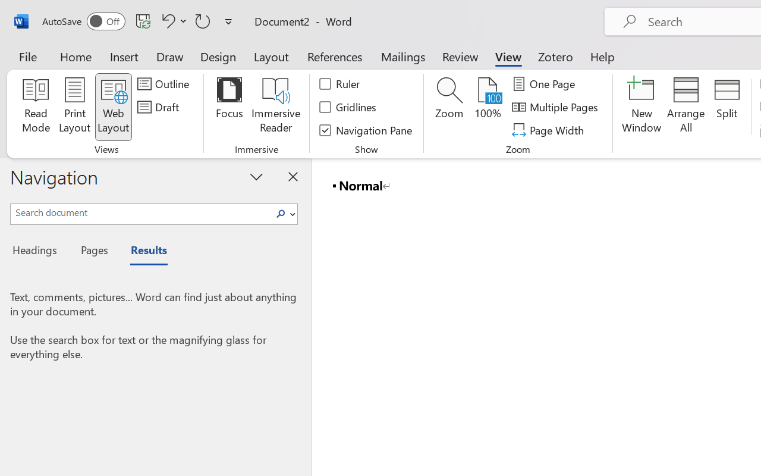 This screenshot has height=476, width=761. I want to click on 'Results', so click(143, 252).